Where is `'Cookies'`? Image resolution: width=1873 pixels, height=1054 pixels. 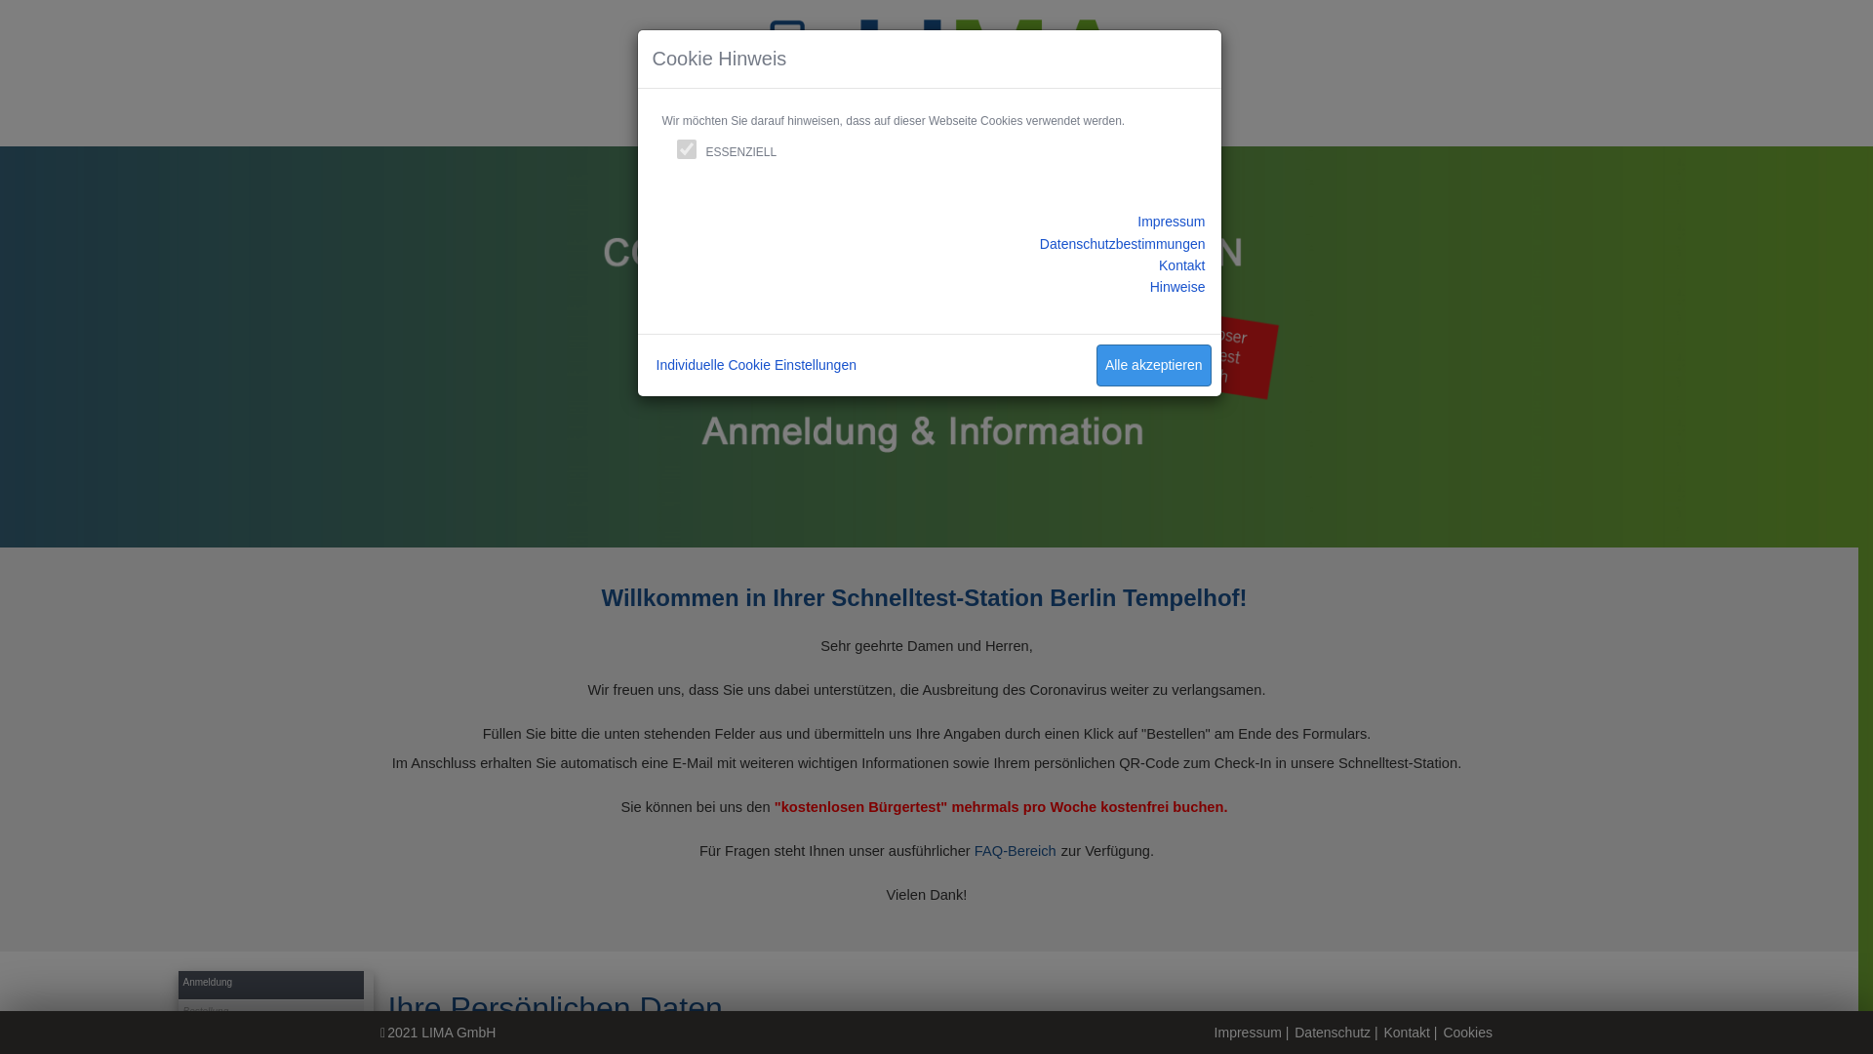
'Cookies' is located at coordinates (1467, 1031).